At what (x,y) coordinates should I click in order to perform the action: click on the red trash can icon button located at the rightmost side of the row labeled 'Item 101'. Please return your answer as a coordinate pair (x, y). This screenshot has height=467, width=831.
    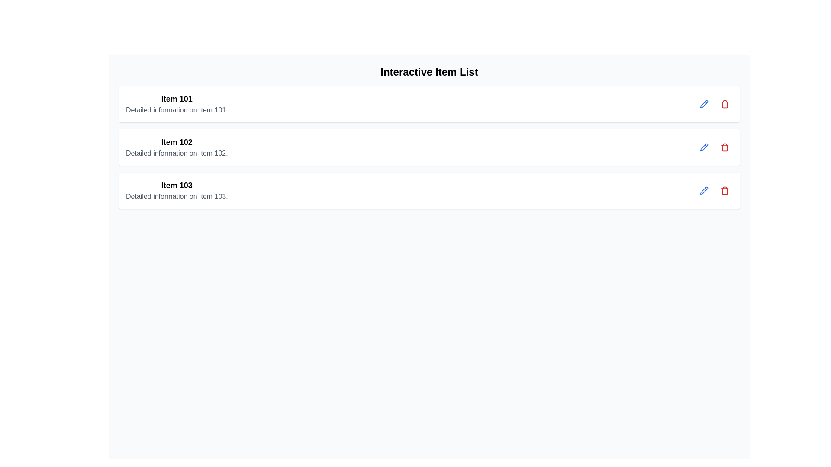
    Looking at the image, I should click on (725, 103).